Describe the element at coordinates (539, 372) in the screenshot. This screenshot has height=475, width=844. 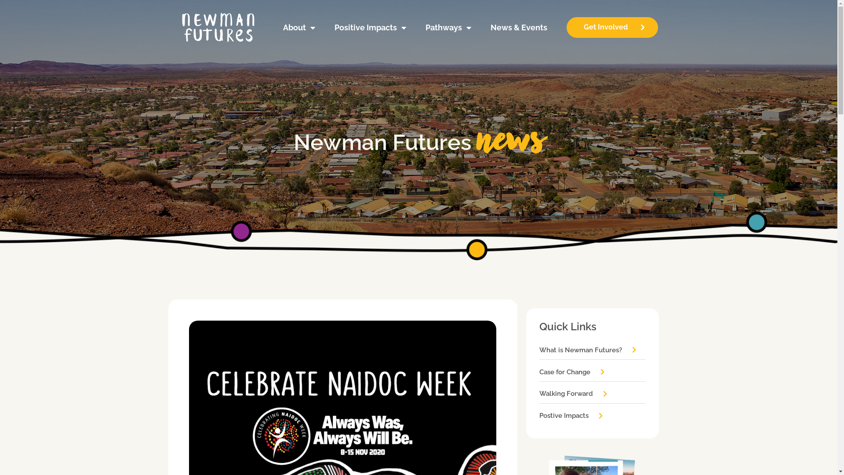
I see `'Case for Change'` at that location.